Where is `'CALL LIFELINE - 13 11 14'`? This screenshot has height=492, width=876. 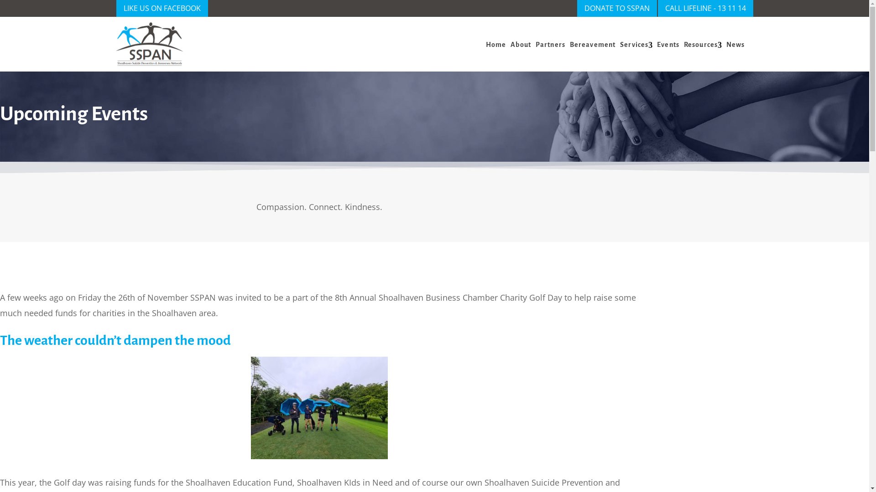
'CALL LIFELINE - 13 11 14' is located at coordinates (705, 8).